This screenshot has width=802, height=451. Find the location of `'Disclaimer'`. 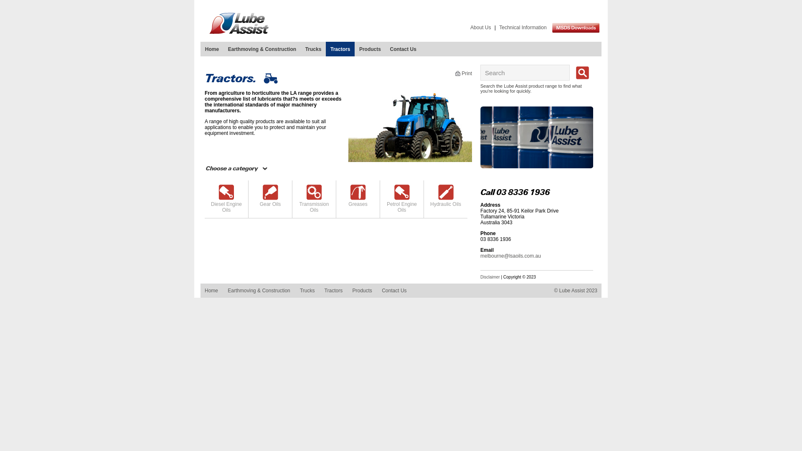

'Disclaimer' is located at coordinates (490, 277).